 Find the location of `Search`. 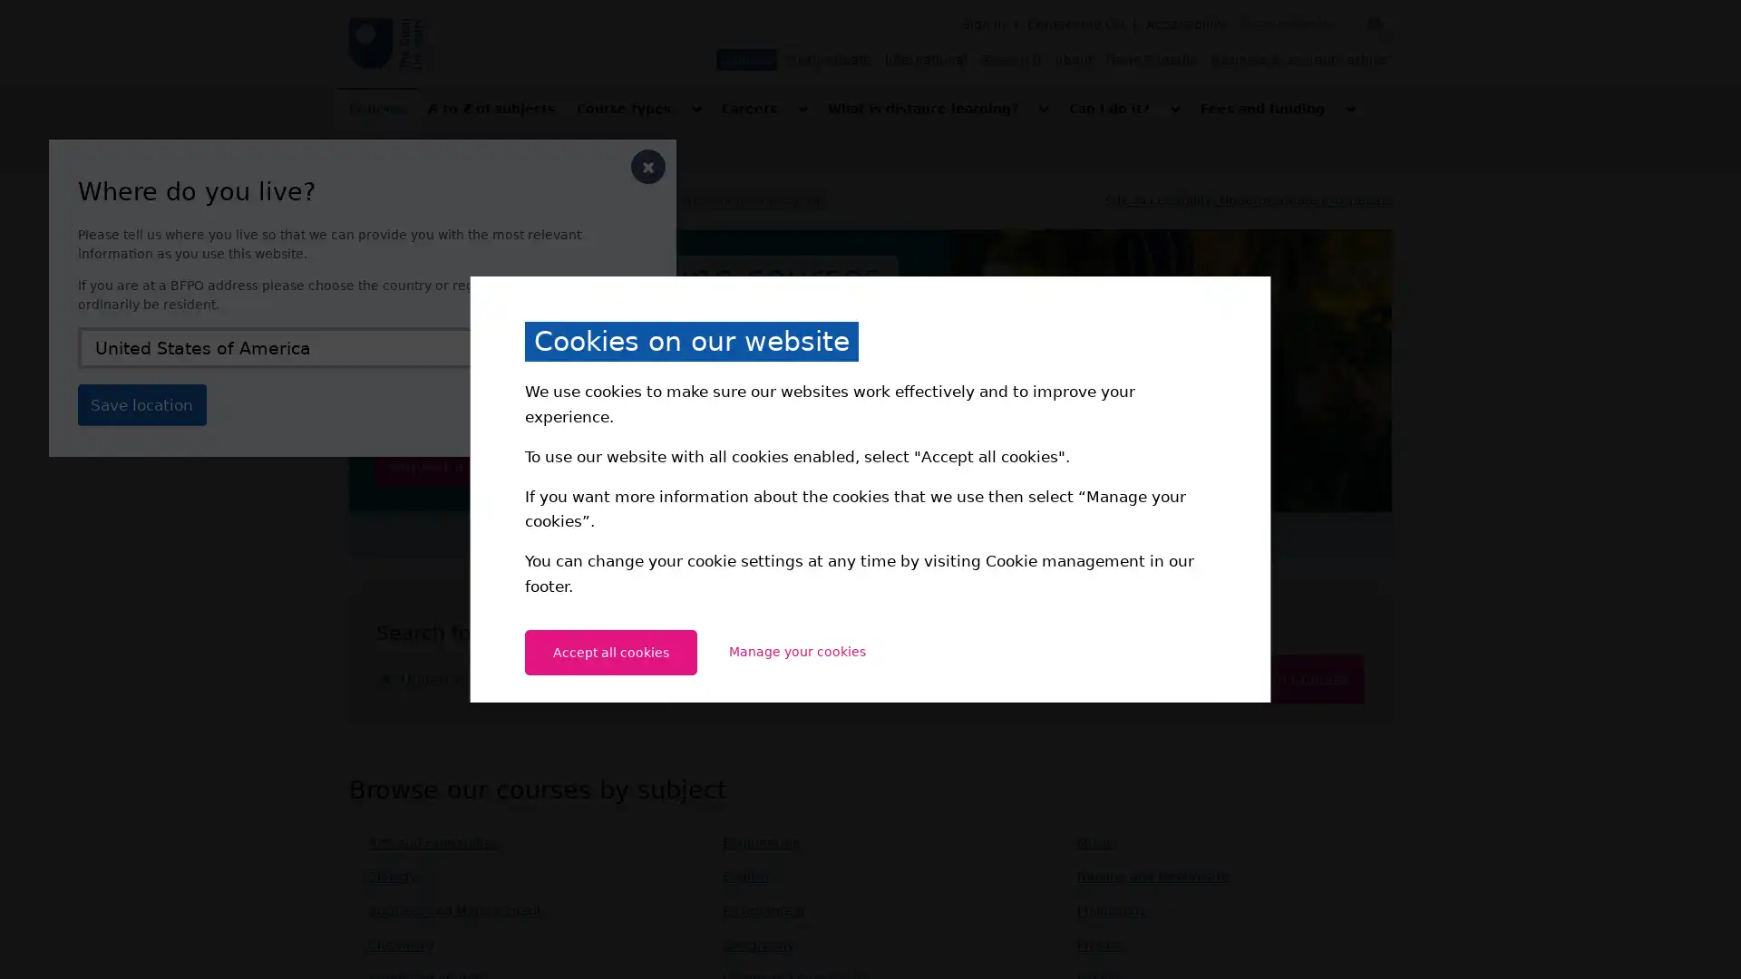

Search is located at coordinates (1375, 24).